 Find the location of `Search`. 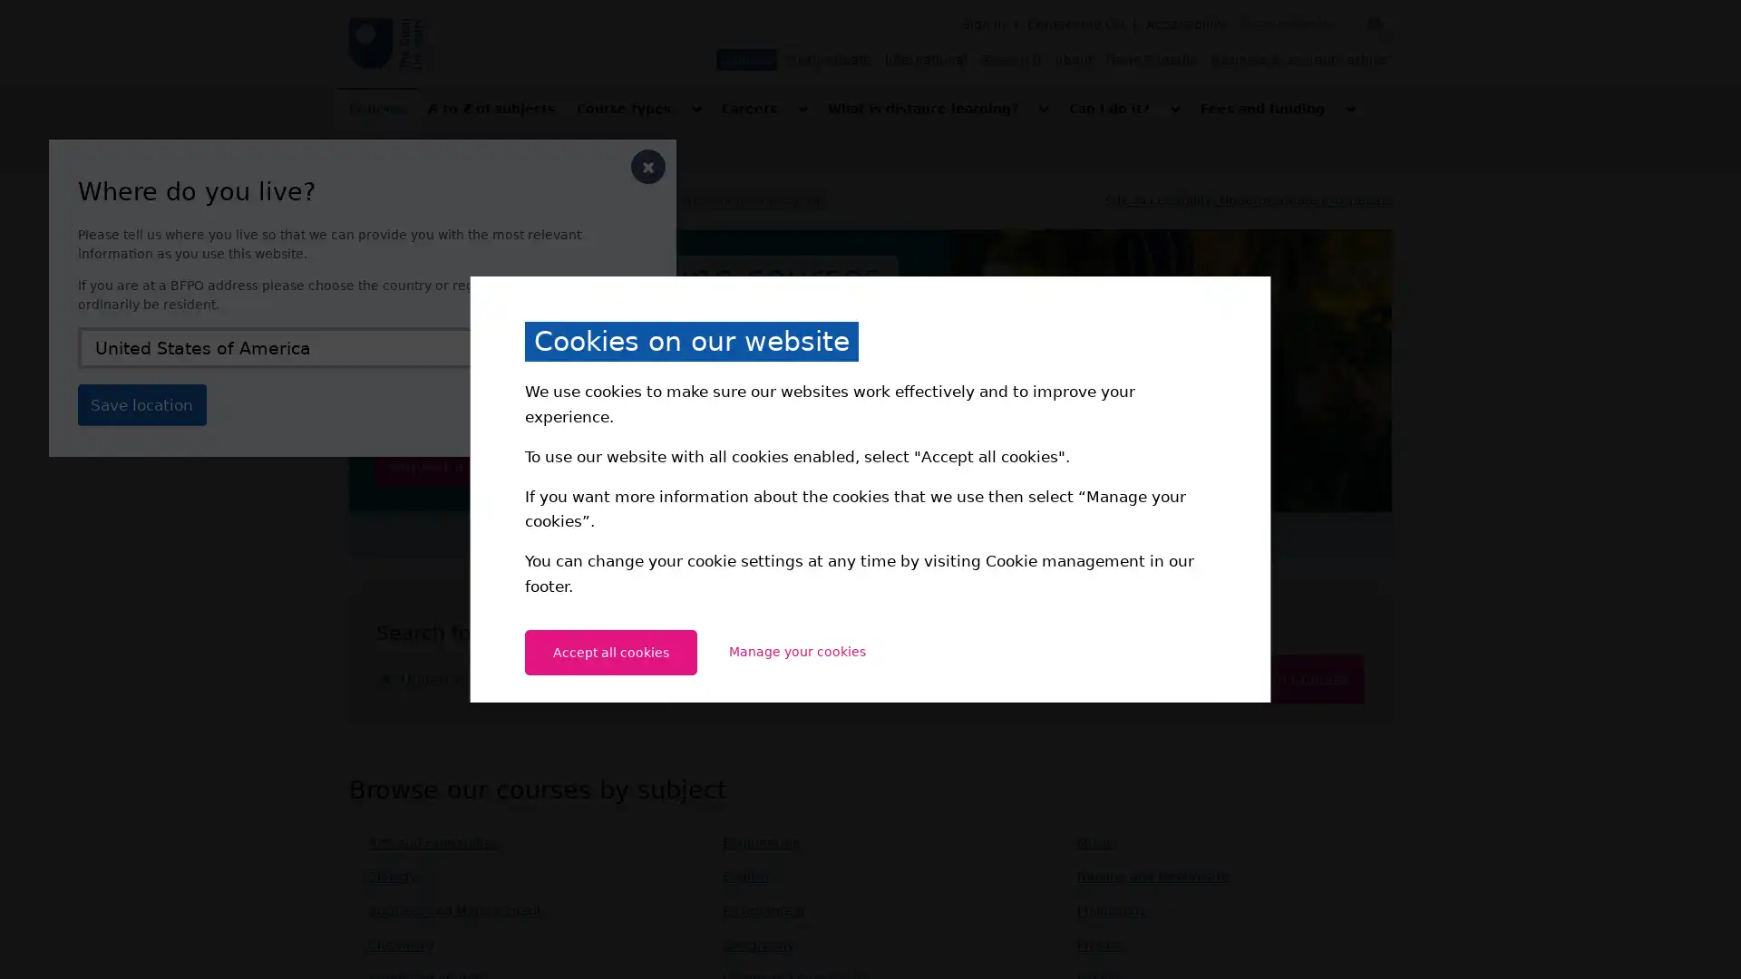

Search is located at coordinates (1375, 24).